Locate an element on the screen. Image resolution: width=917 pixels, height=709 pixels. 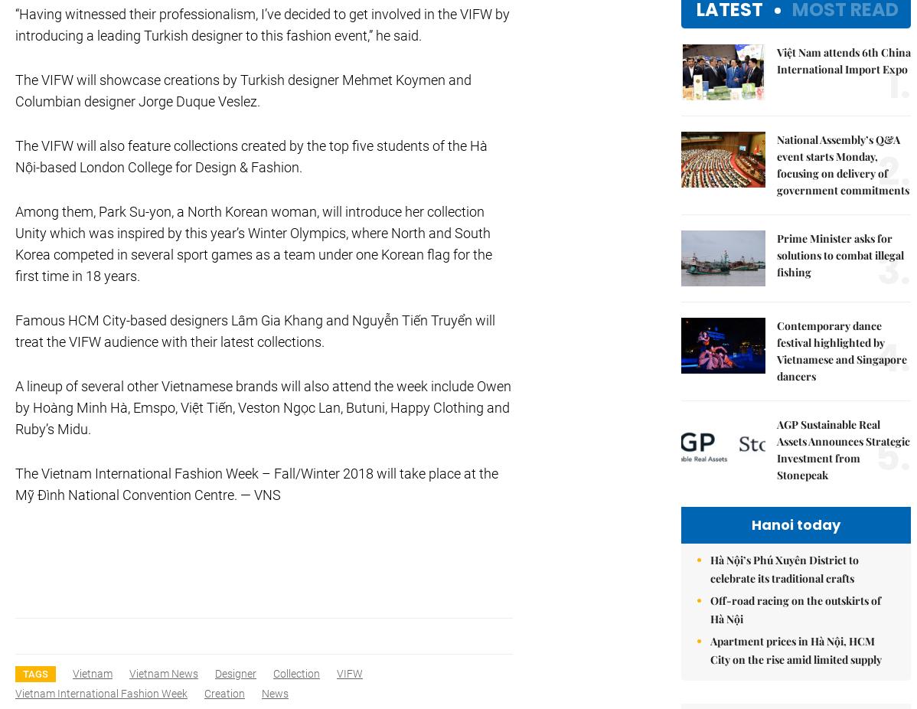
'Copyrights 2012 Viet Nam News. All rights reserved.' is located at coordinates (140, 66).